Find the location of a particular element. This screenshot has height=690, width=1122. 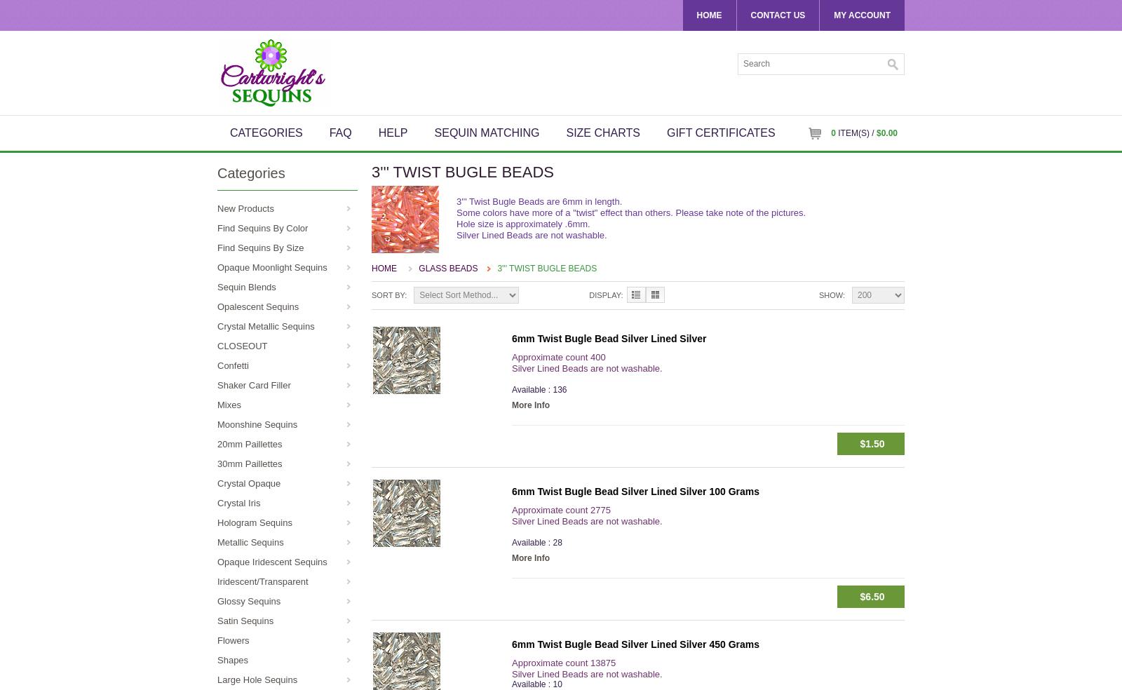

'Some colors have more of a "twist" effect than others. Please take note of the pictures.' is located at coordinates (457, 212).